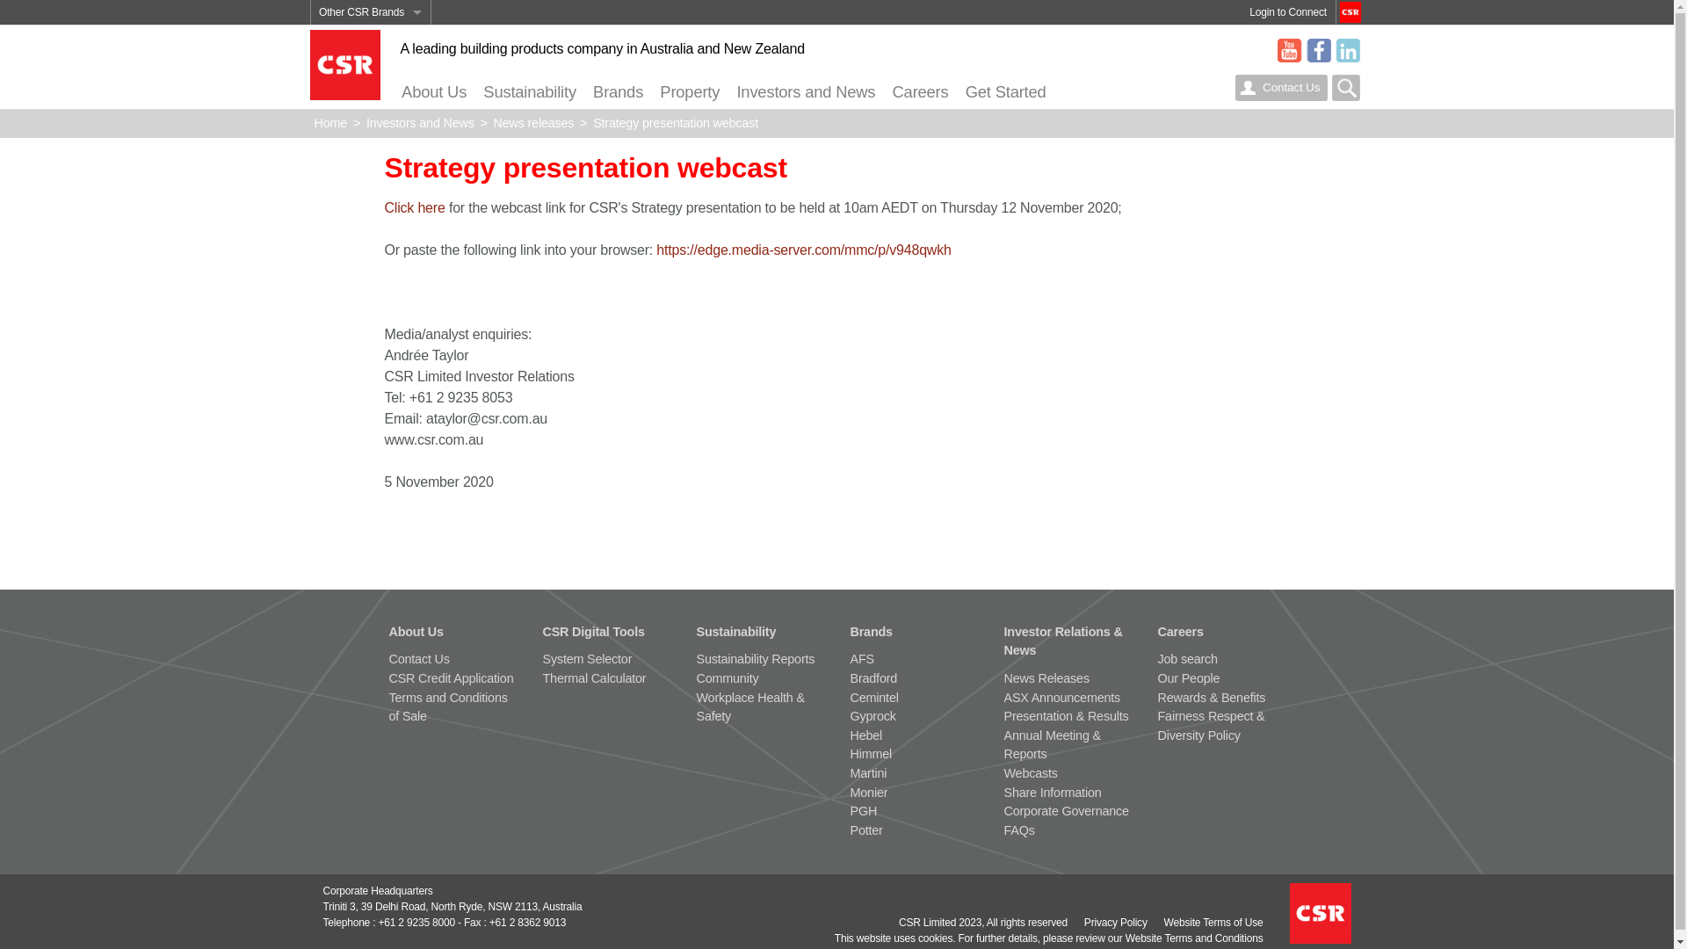 Image resolution: width=1687 pixels, height=949 pixels. I want to click on 'Click here', so click(383, 206).